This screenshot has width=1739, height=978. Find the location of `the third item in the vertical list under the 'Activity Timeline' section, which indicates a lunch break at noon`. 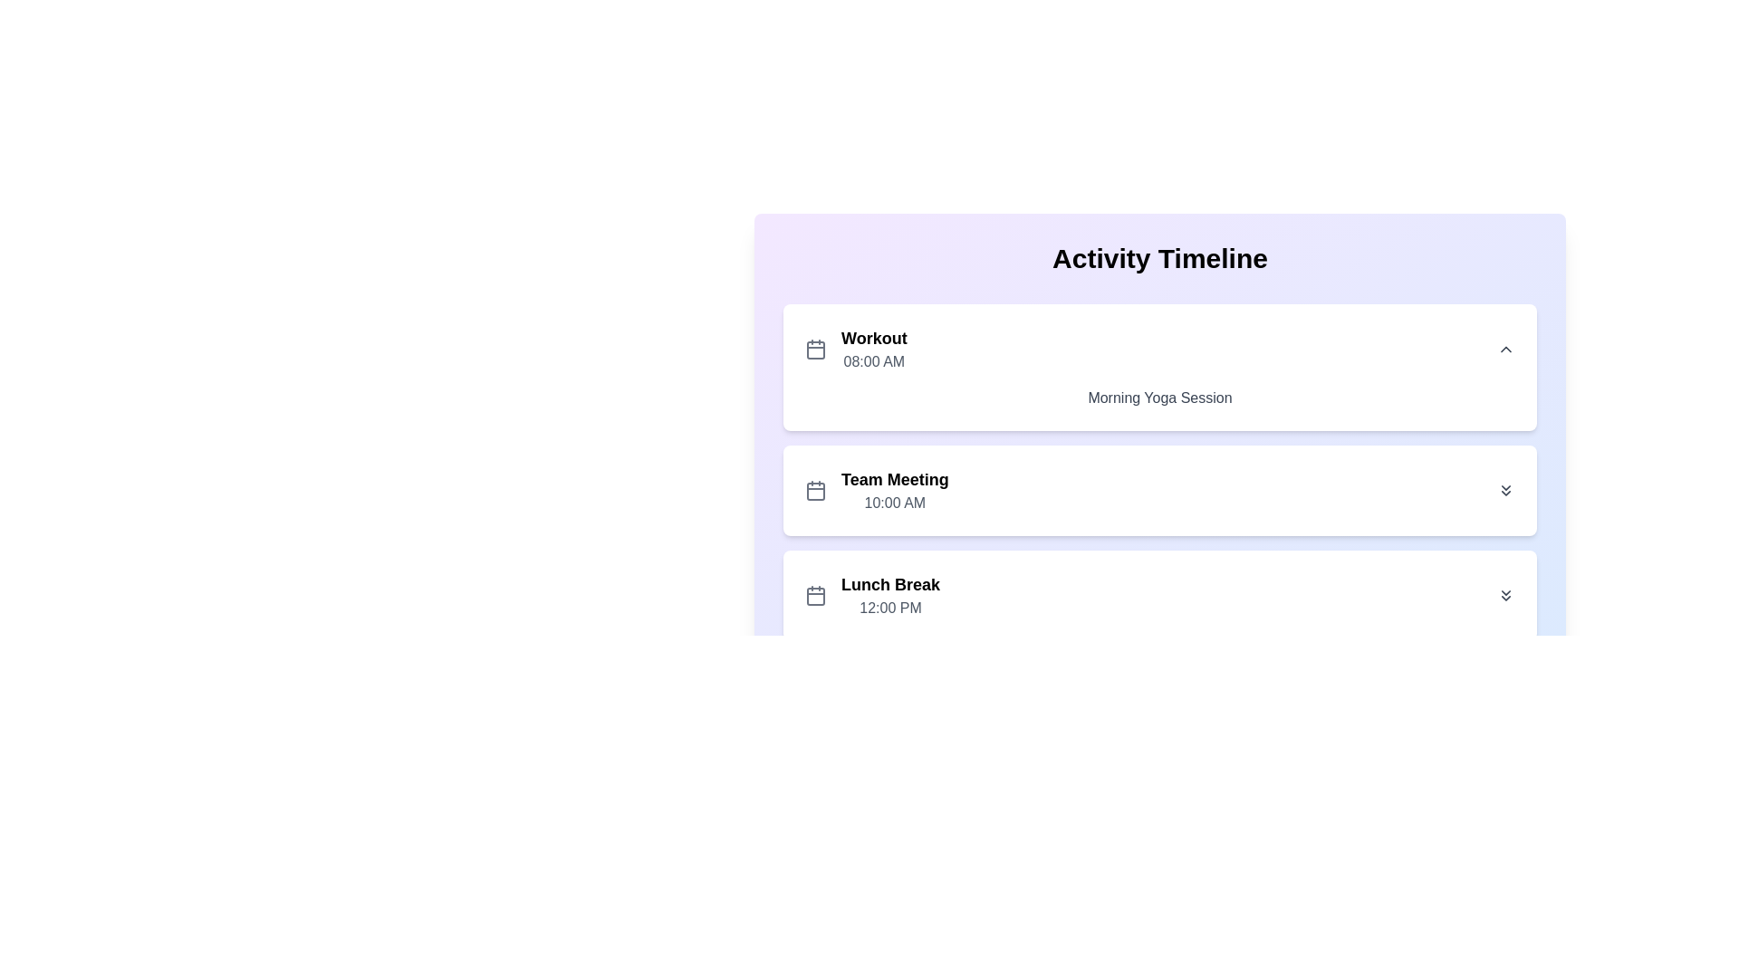

the third item in the vertical list under the 'Activity Timeline' section, which indicates a lunch break at noon is located at coordinates (872, 596).